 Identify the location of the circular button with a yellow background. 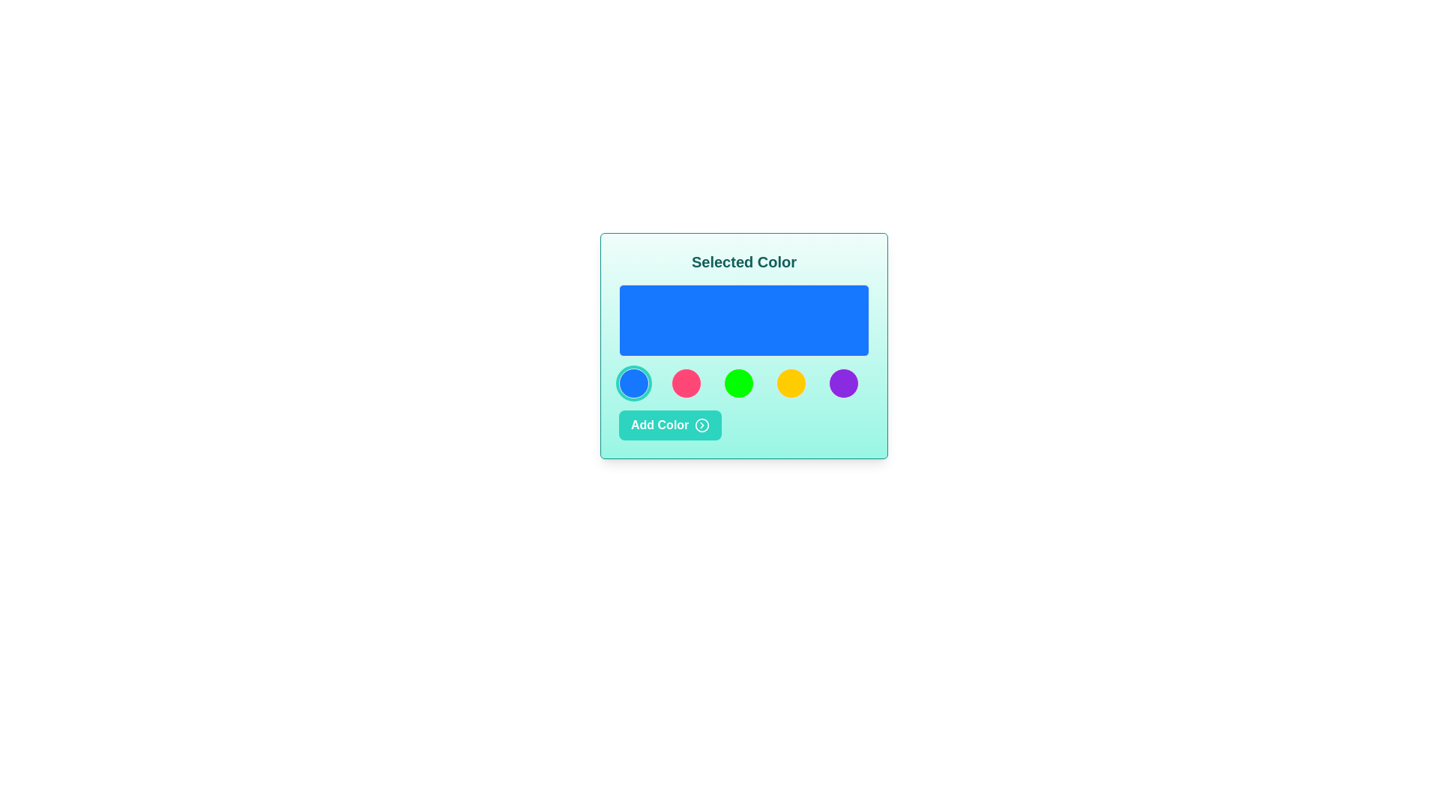
(791, 383).